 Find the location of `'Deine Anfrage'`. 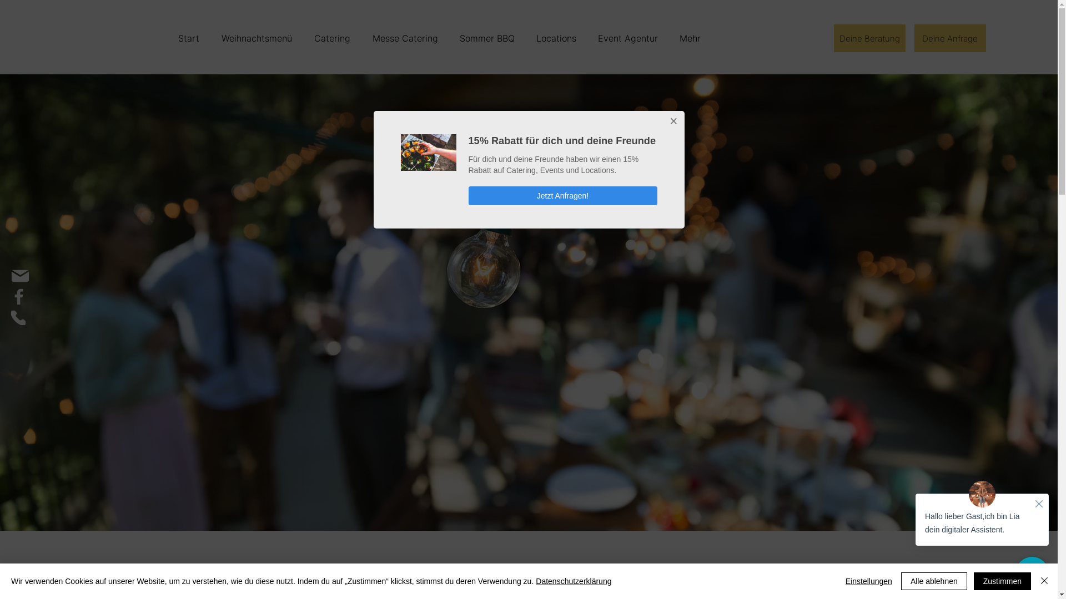

'Deine Anfrage' is located at coordinates (914, 38).